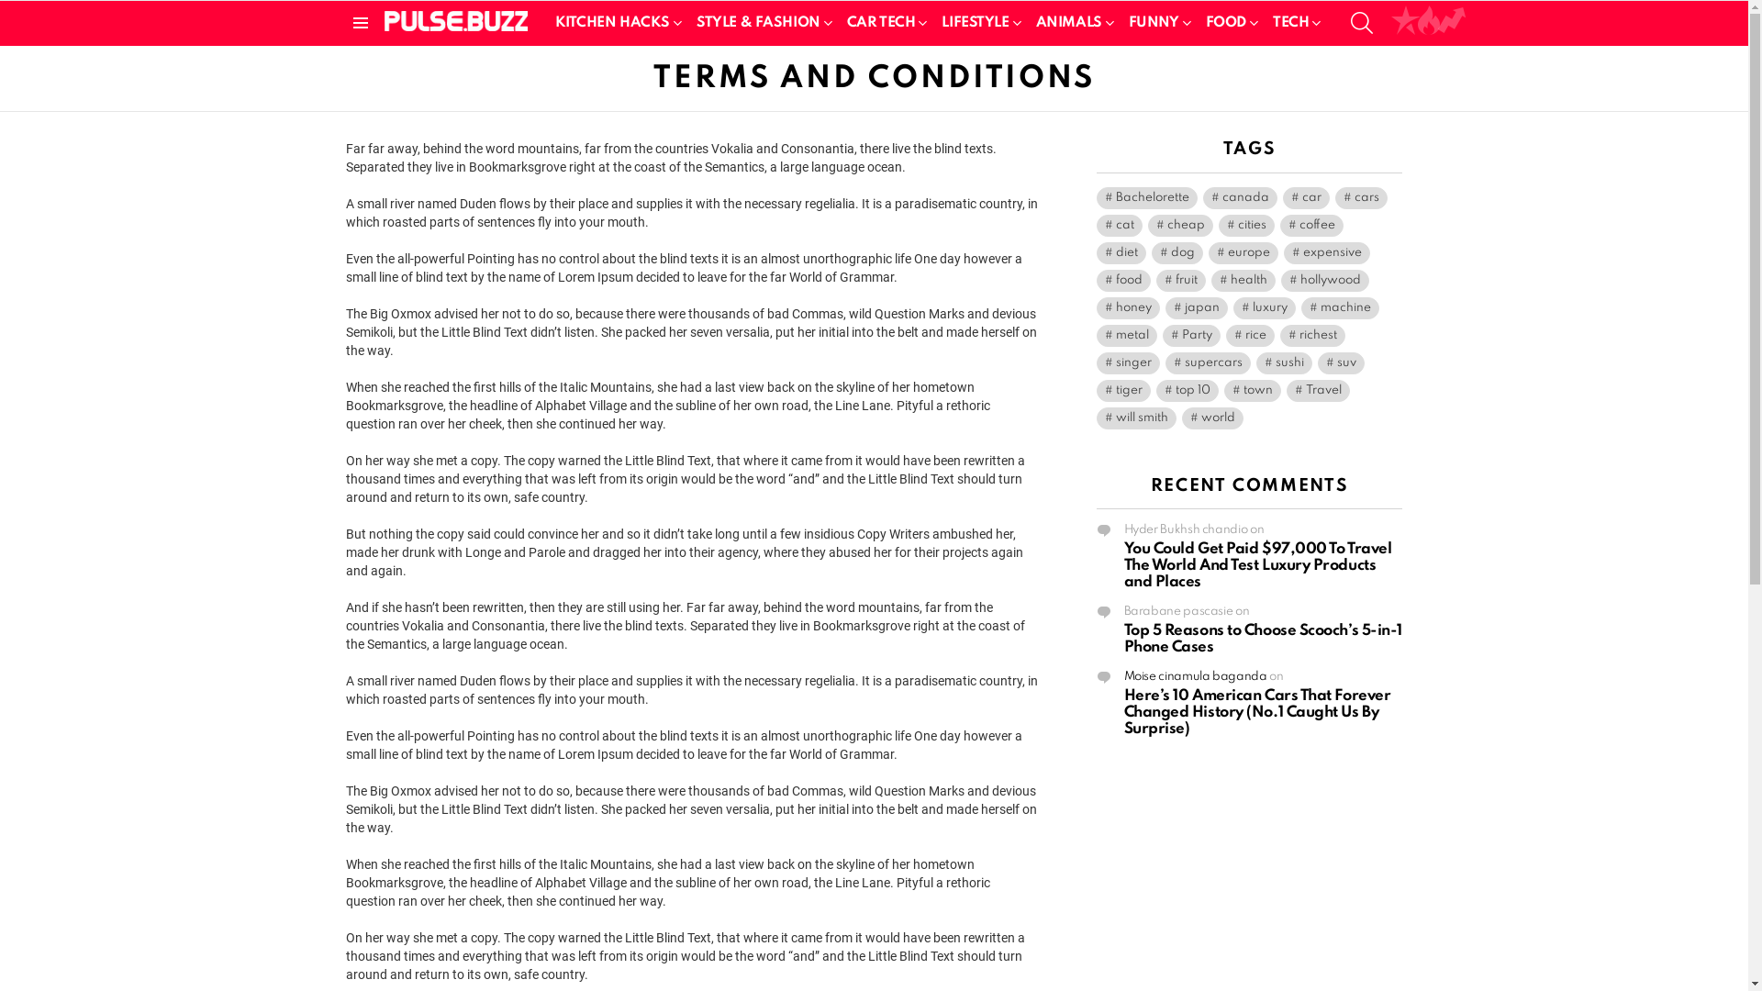  What do you see at coordinates (1071, 22) in the screenshot?
I see `'ANIMALS'` at bounding box center [1071, 22].